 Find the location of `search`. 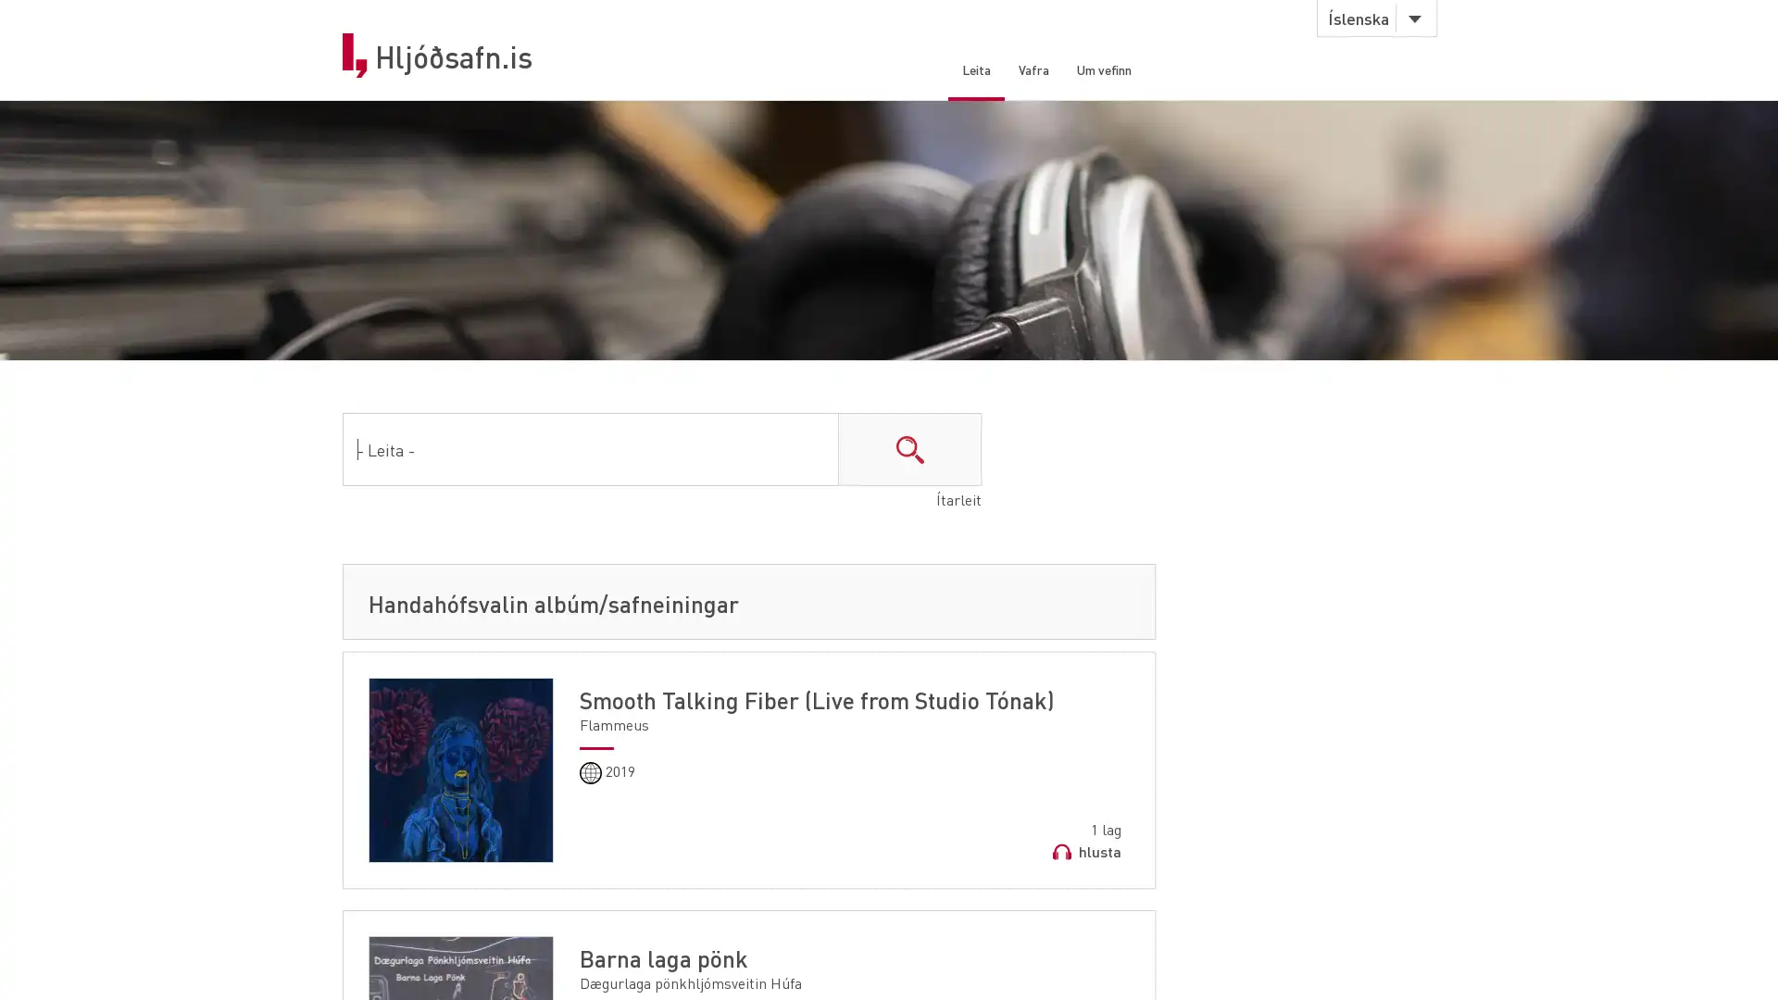

search is located at coordinates (909, 453).